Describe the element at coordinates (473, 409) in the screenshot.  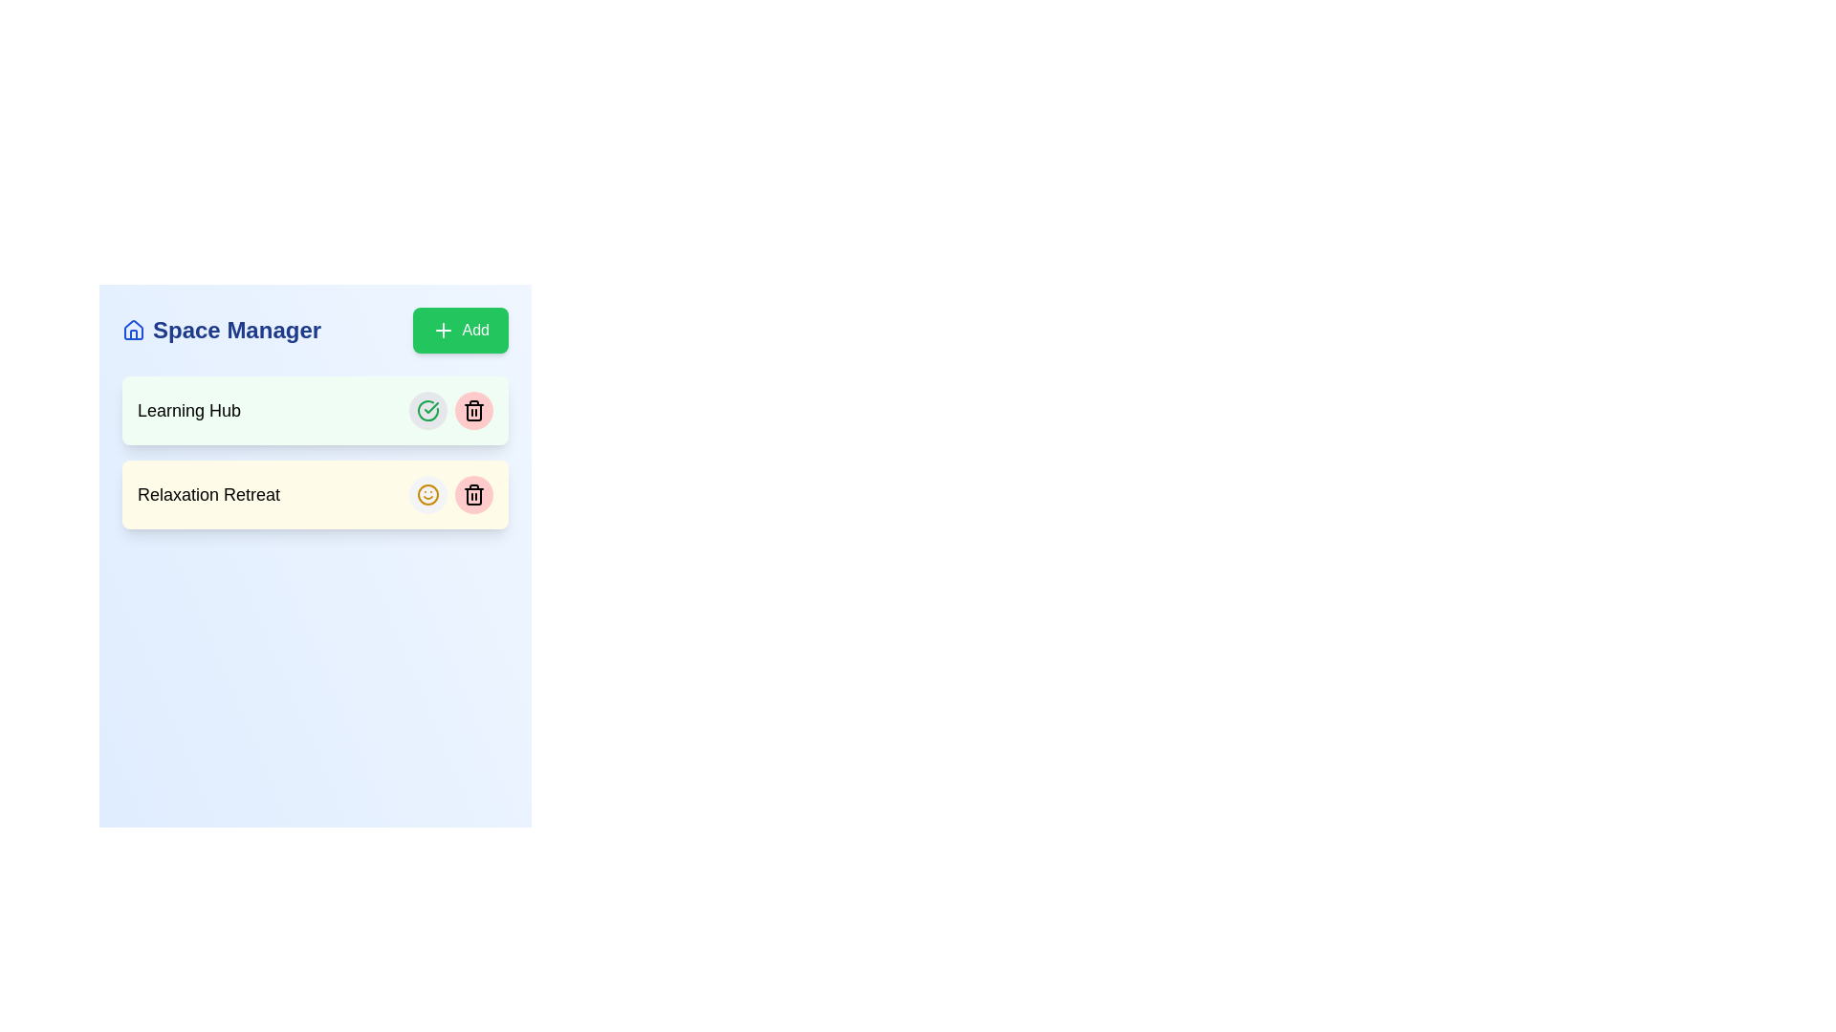
I see `the circular red button with a black trashcan symbol located to the far right of the 'Learning Hub' entry in the 'Space Manager' interface to possibly view a tooltip` at that location.